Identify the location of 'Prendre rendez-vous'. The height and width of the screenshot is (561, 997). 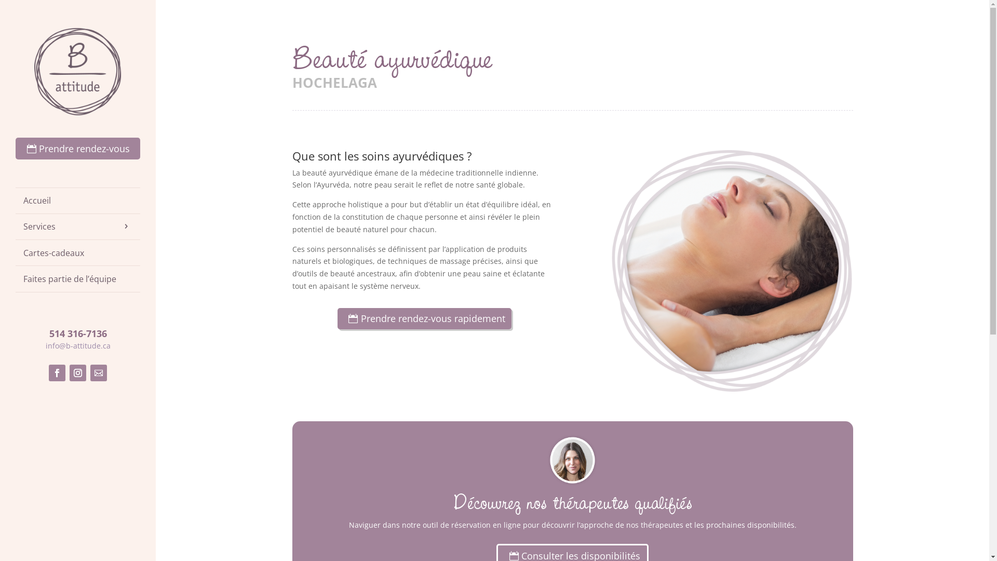
(77, 148).